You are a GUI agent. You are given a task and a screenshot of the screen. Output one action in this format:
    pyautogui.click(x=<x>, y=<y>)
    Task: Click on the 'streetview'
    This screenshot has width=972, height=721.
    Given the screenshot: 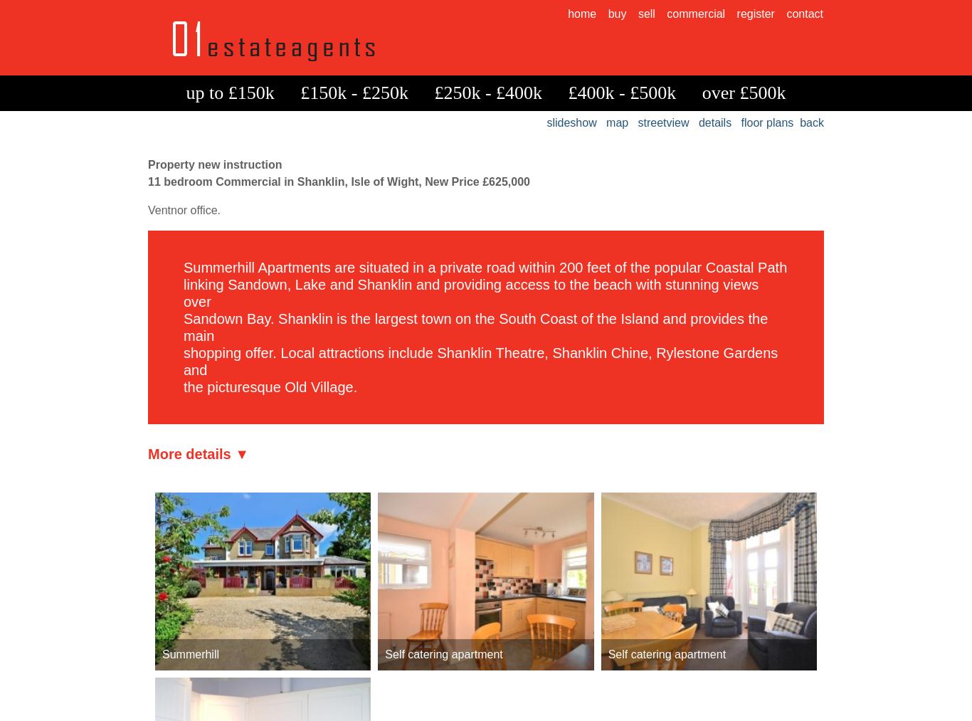 What is the action you would take?
    pyautogui.click(x=663, y=122)
    